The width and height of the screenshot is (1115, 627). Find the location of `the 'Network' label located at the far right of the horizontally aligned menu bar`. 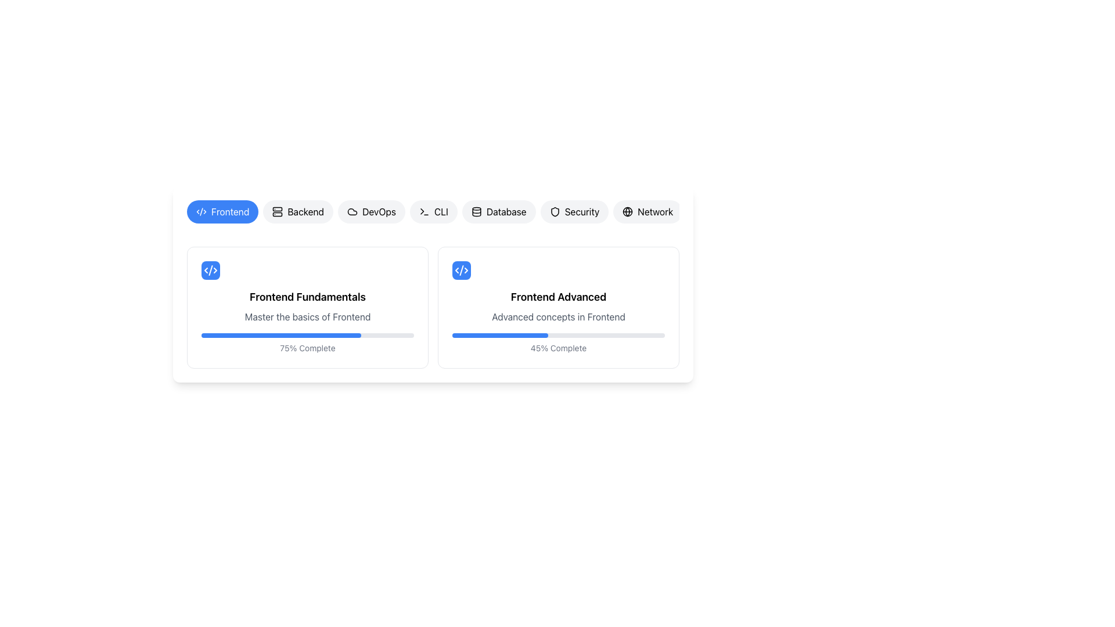

the 'Network' label located at the far right of the horizontally aligned menu bar is located at coordinates (655, 212).